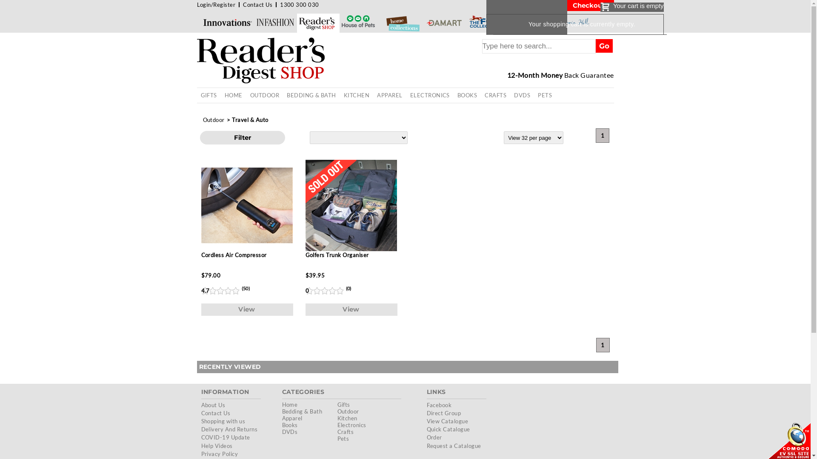 This screenshot has width=817, height=459. Describe the element at coordinates (311, 95) in the screenshot. I see `'BEDDING & BATH'` at that location.